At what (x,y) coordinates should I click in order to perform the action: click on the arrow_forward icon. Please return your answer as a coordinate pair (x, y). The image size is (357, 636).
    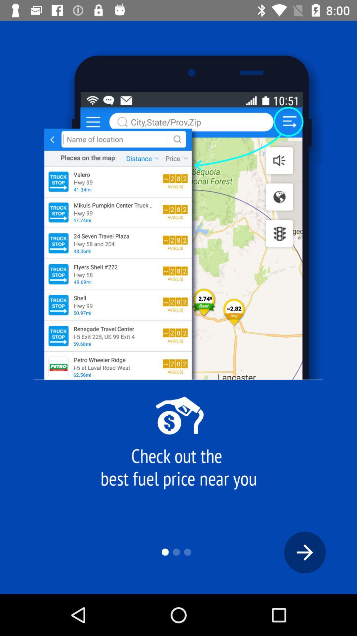
    Looking at the image, I should click on (305, 552).